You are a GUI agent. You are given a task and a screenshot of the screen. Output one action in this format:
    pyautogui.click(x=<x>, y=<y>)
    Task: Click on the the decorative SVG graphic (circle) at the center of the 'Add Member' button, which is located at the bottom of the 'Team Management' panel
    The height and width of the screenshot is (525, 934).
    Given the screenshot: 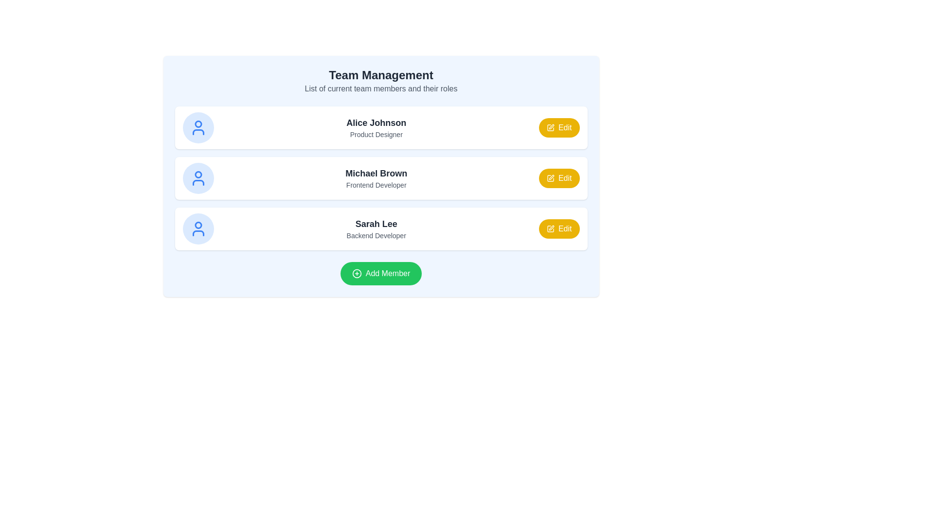 What is the action you would take?
    pyautogui.click(x=356, y=274)
    